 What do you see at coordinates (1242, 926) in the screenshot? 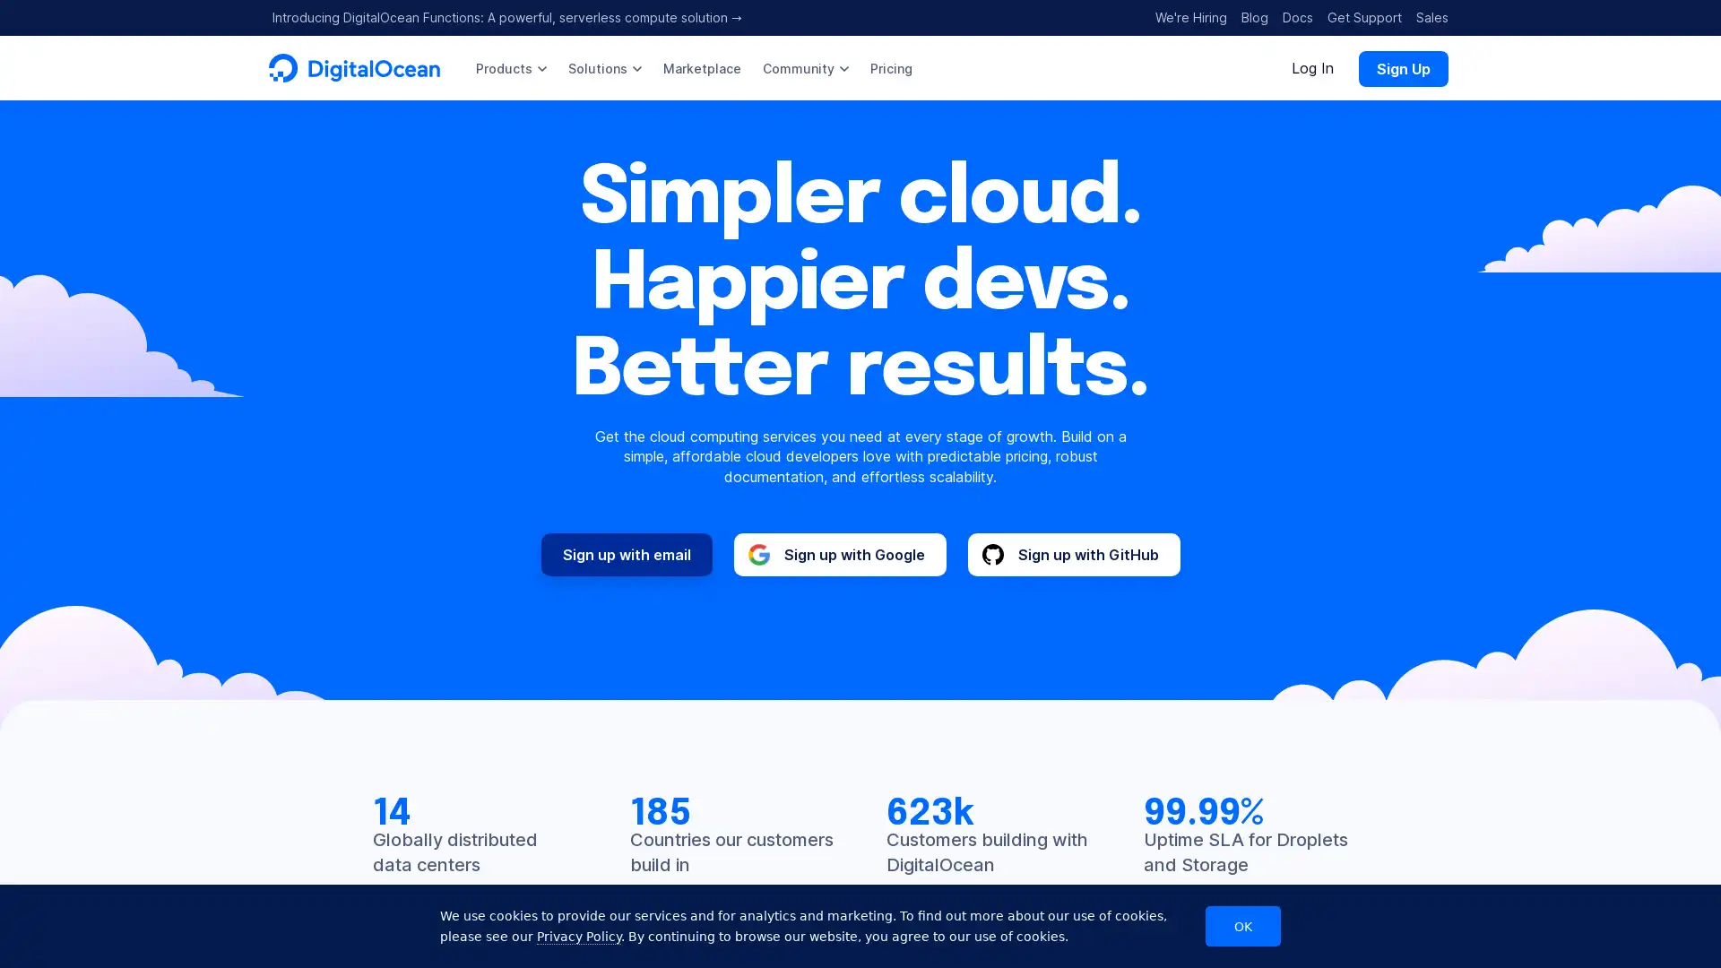
I see `OK` at bounding box center [1242, 926].